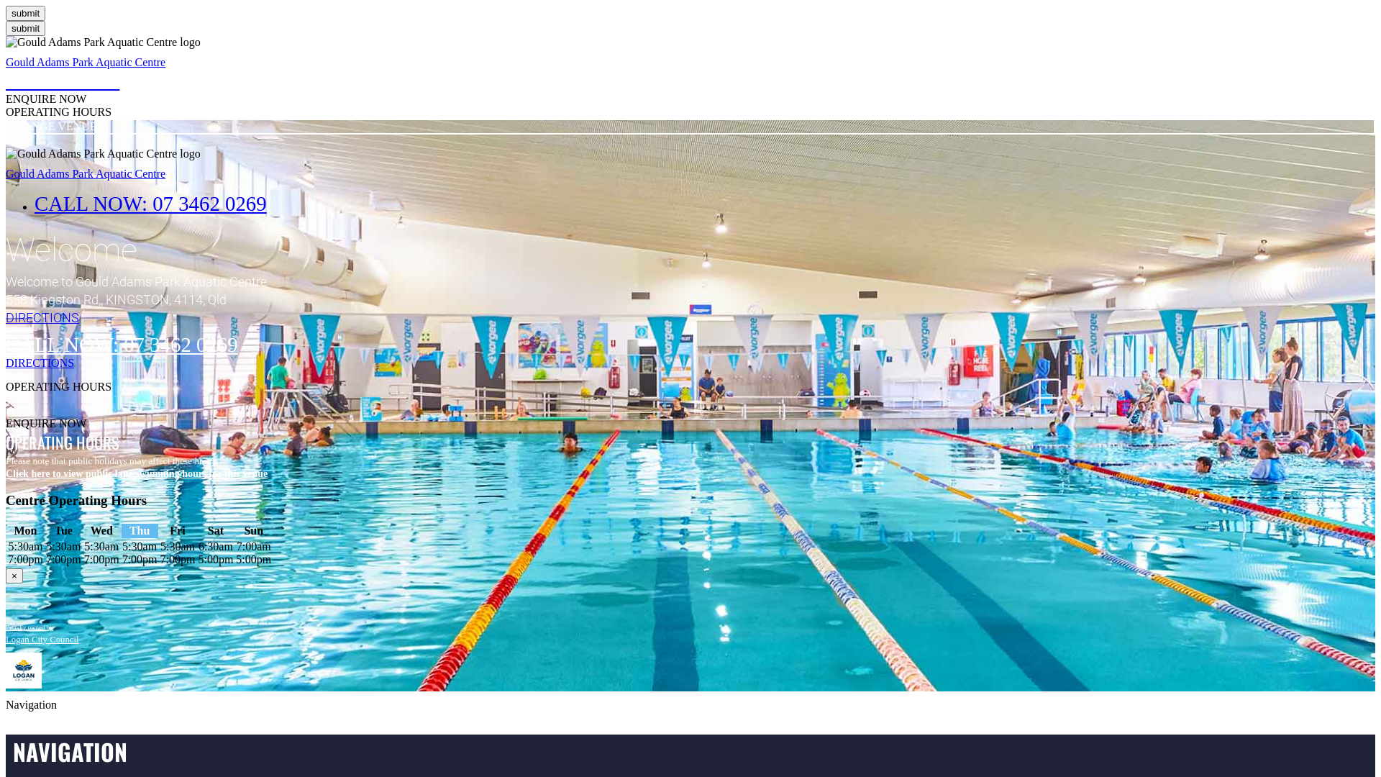 This screenshot has height=777, width=1381. I want to click on 'CALL NOW: 07 3462 0269', so click(150, 203).